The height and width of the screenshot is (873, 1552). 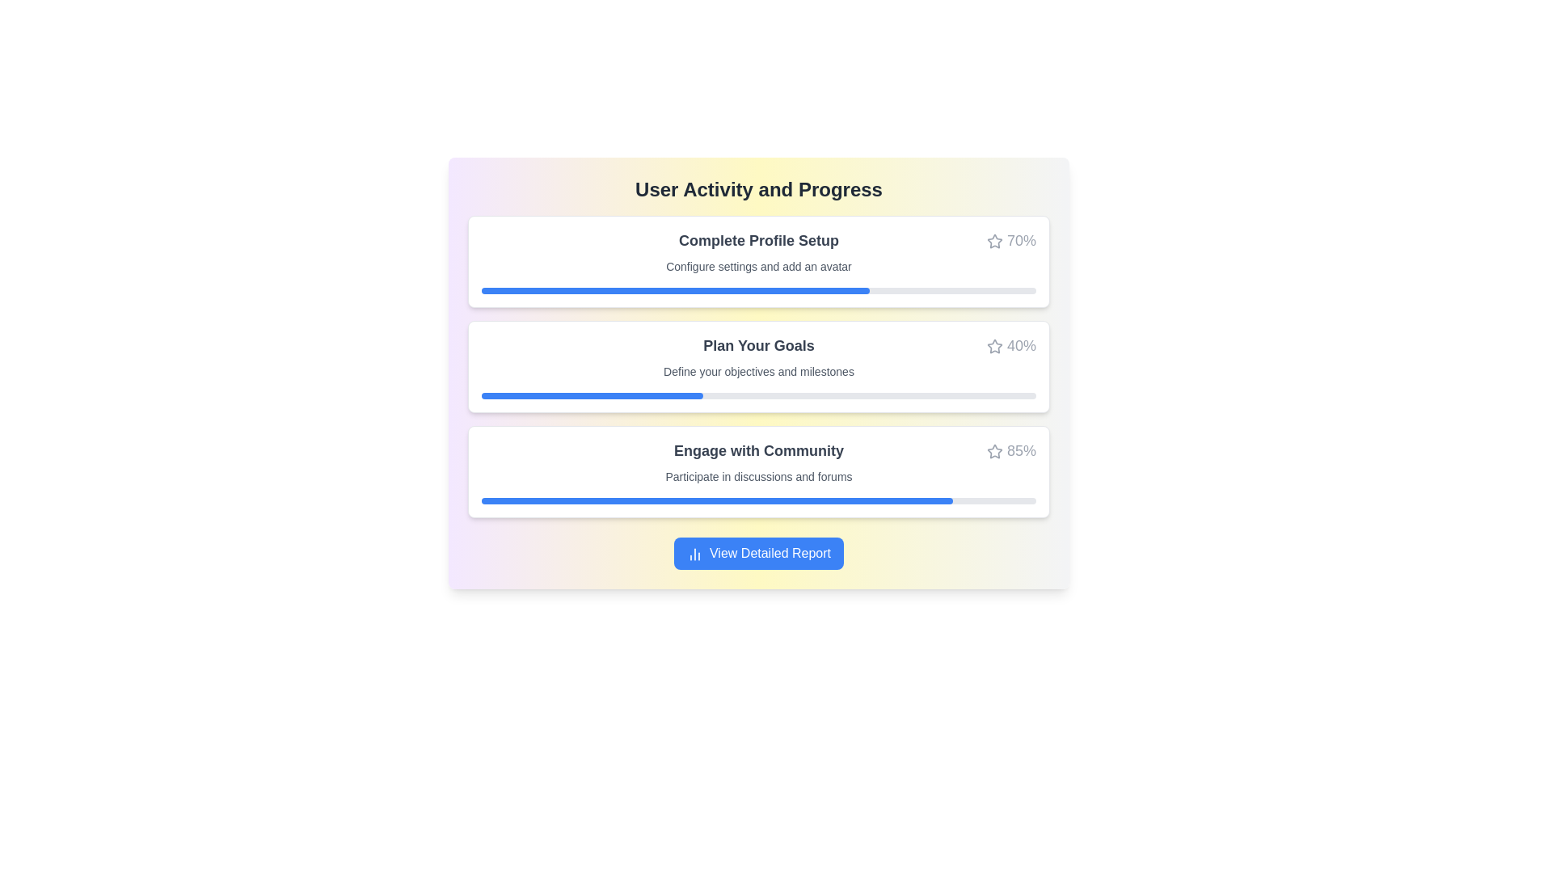 I want to click on the icon that represents the rating or favorite feature in the third row of the progress area labeled 'Engage with Community', located to the right of the percentage indicator (85%), so click(x=993, y=452).